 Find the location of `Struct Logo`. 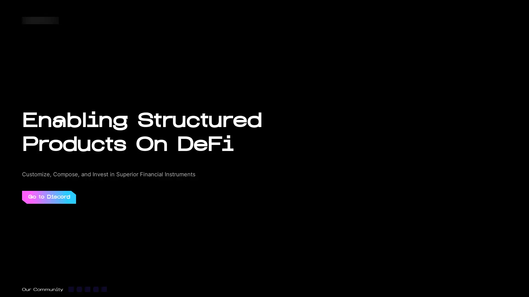

Struct Logo is located at coordinates (40, 20).